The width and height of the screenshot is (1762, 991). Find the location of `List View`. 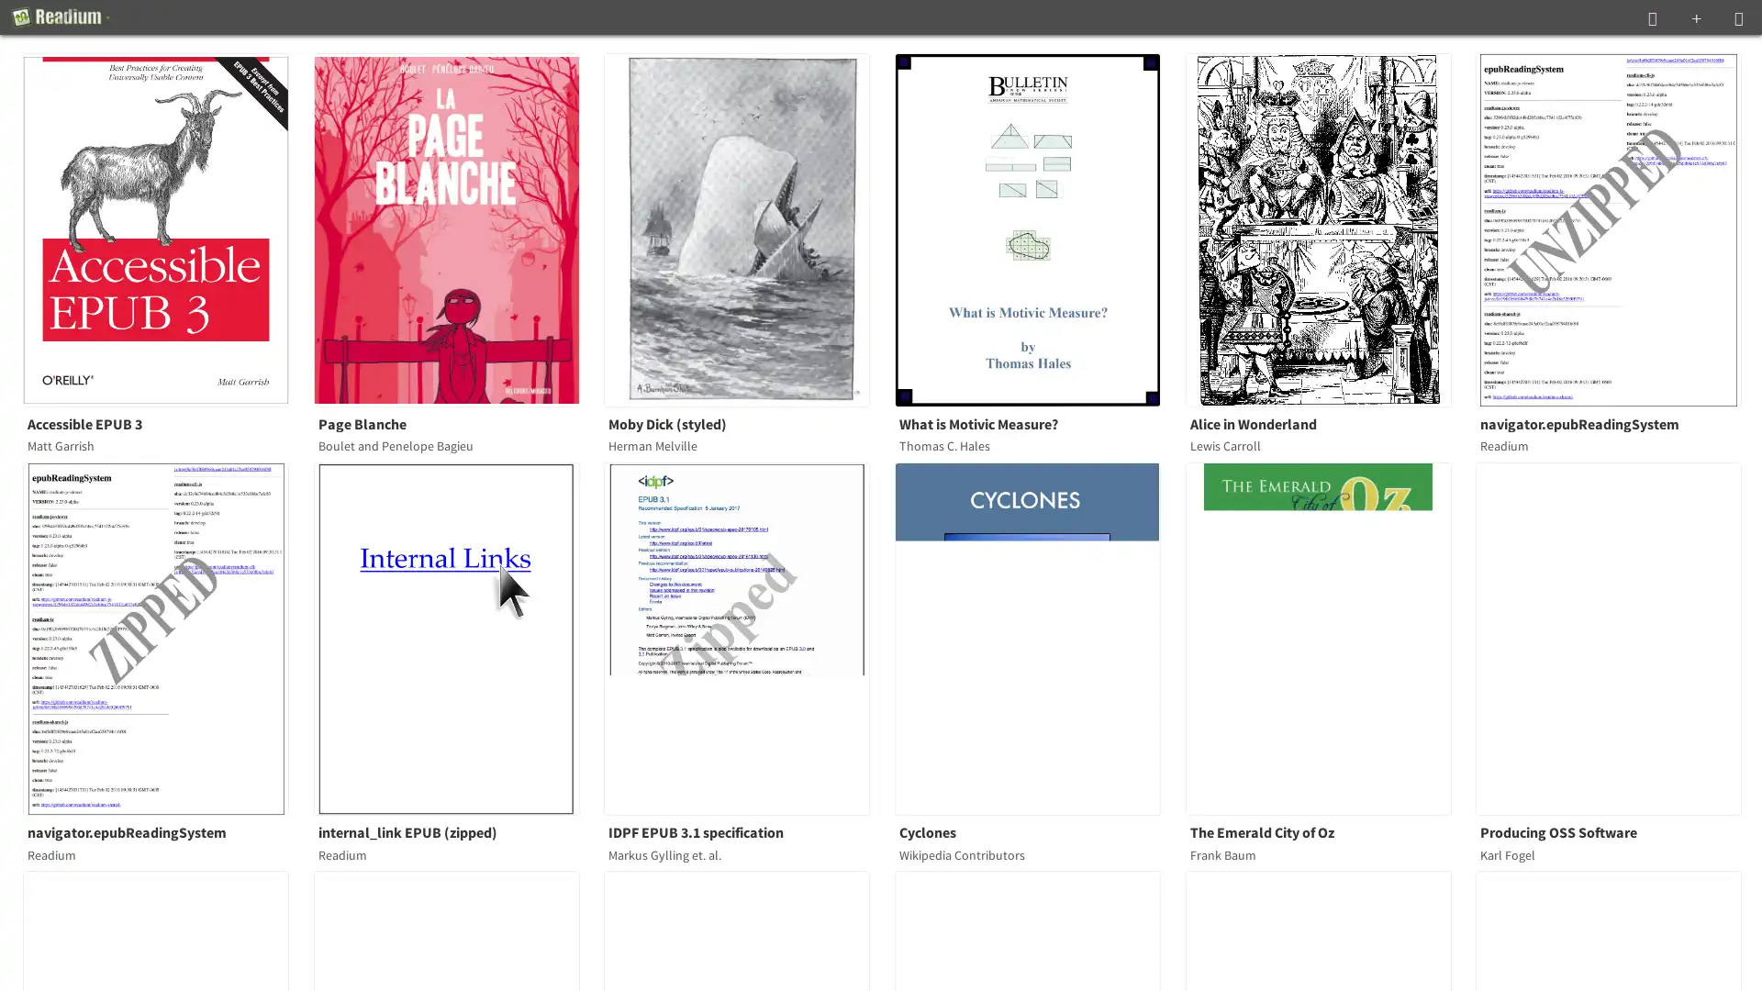

List View is located at coordinates (1652, 17).